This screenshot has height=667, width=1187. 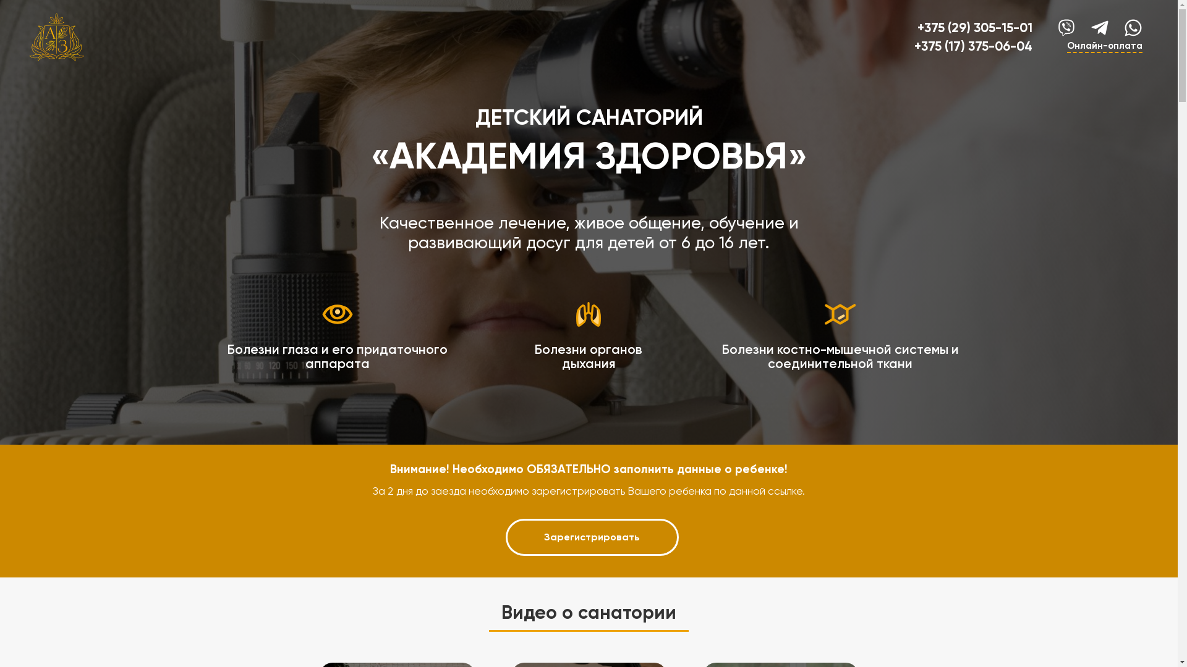 I want to click on '+375 (17) 375-06-04', so click(x=914, y=45).